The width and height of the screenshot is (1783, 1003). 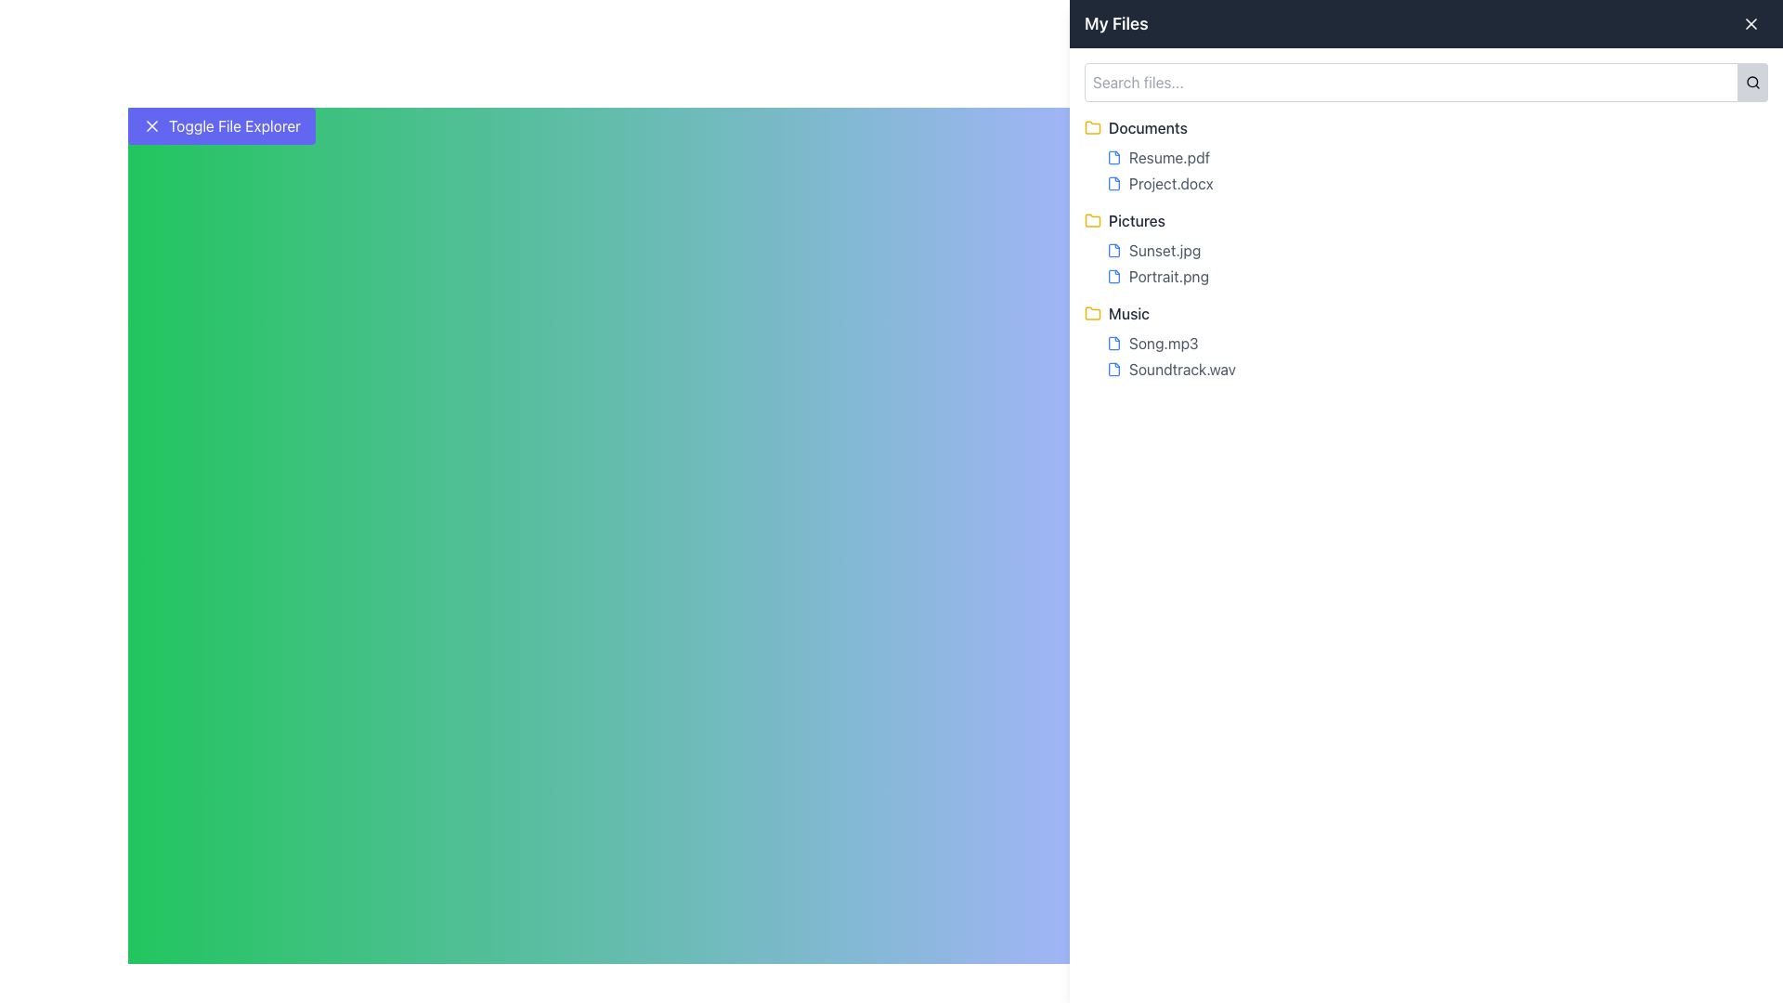 What do you see at coordinates (1092, 218) in the screenshot?
I see `the folder icon in the 'My Files' section` at bounding box center [1092, 218].